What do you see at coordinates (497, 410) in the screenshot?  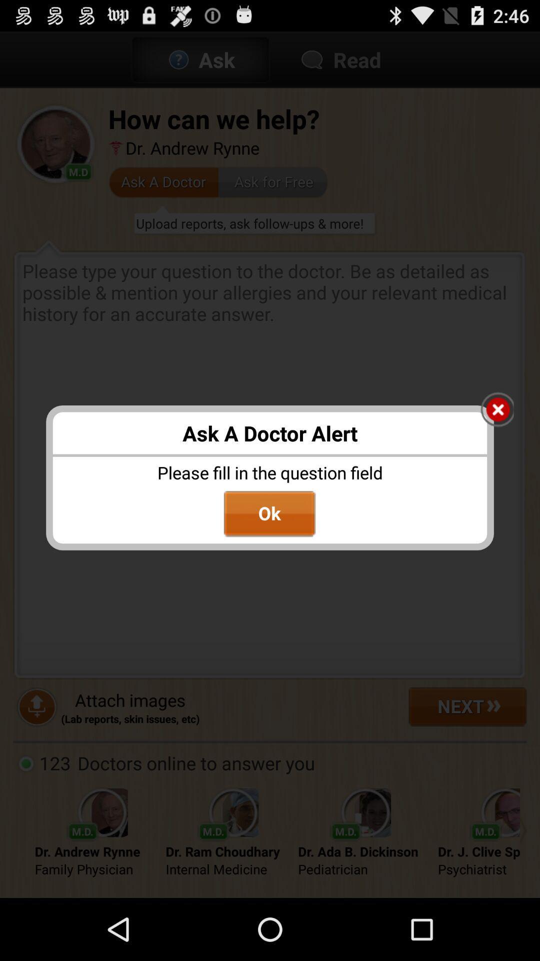 I see `the item on the right` at bounding box center [497, 410].